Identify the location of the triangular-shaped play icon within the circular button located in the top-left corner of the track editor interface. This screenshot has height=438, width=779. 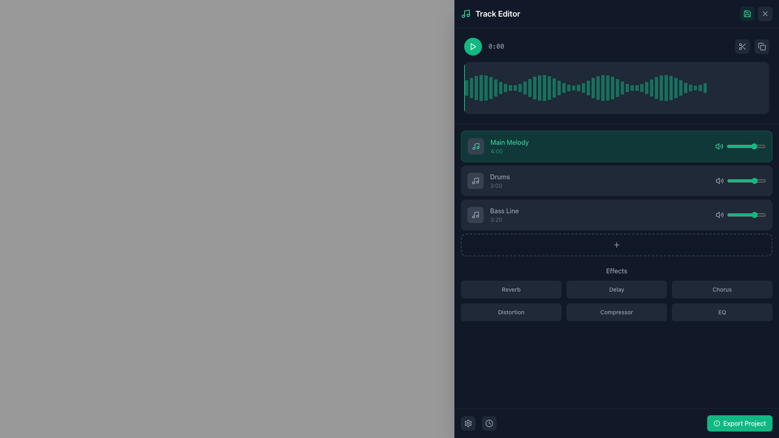
(473, 47).